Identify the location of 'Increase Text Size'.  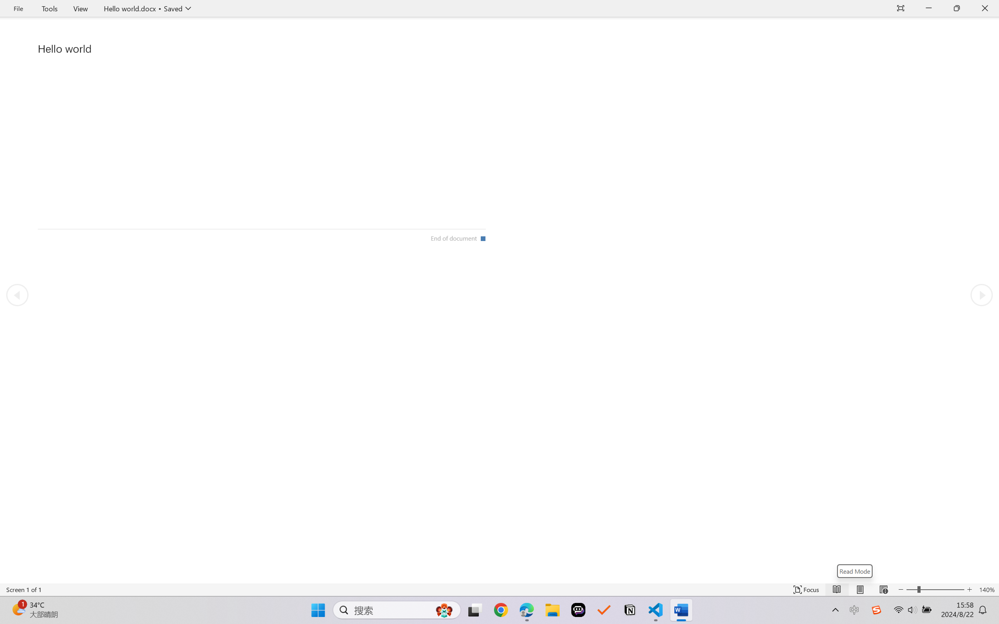
(969, 589).